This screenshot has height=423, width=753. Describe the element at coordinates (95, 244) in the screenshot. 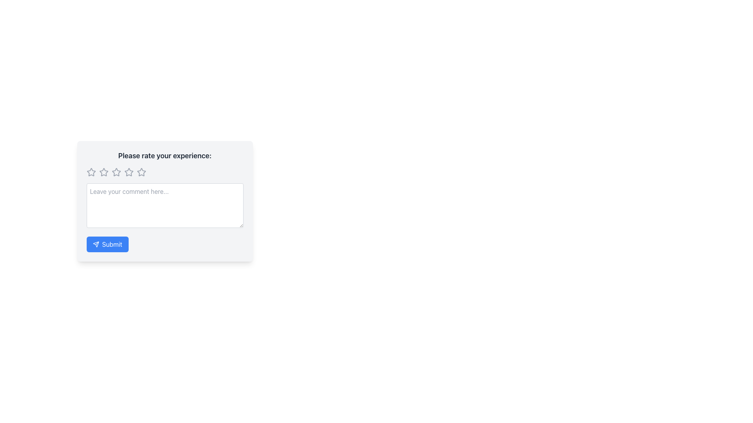

I see `the 'Submit' button which contains a small triangular paper plane icon at its bottom-left corner` at that location.